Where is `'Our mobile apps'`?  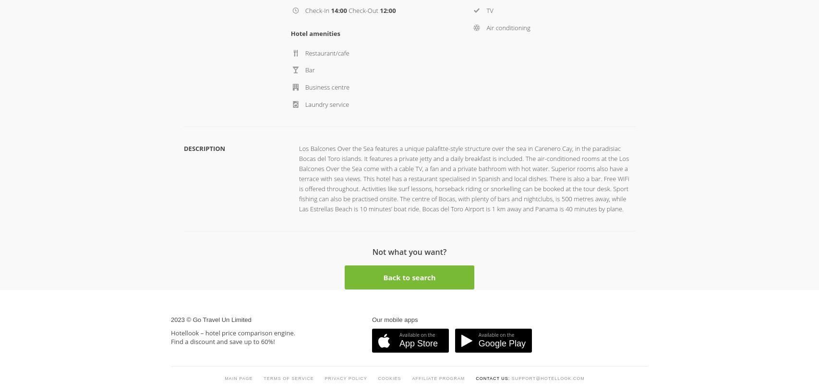 'Our mobile apps' is located at coordinates (372, 123).